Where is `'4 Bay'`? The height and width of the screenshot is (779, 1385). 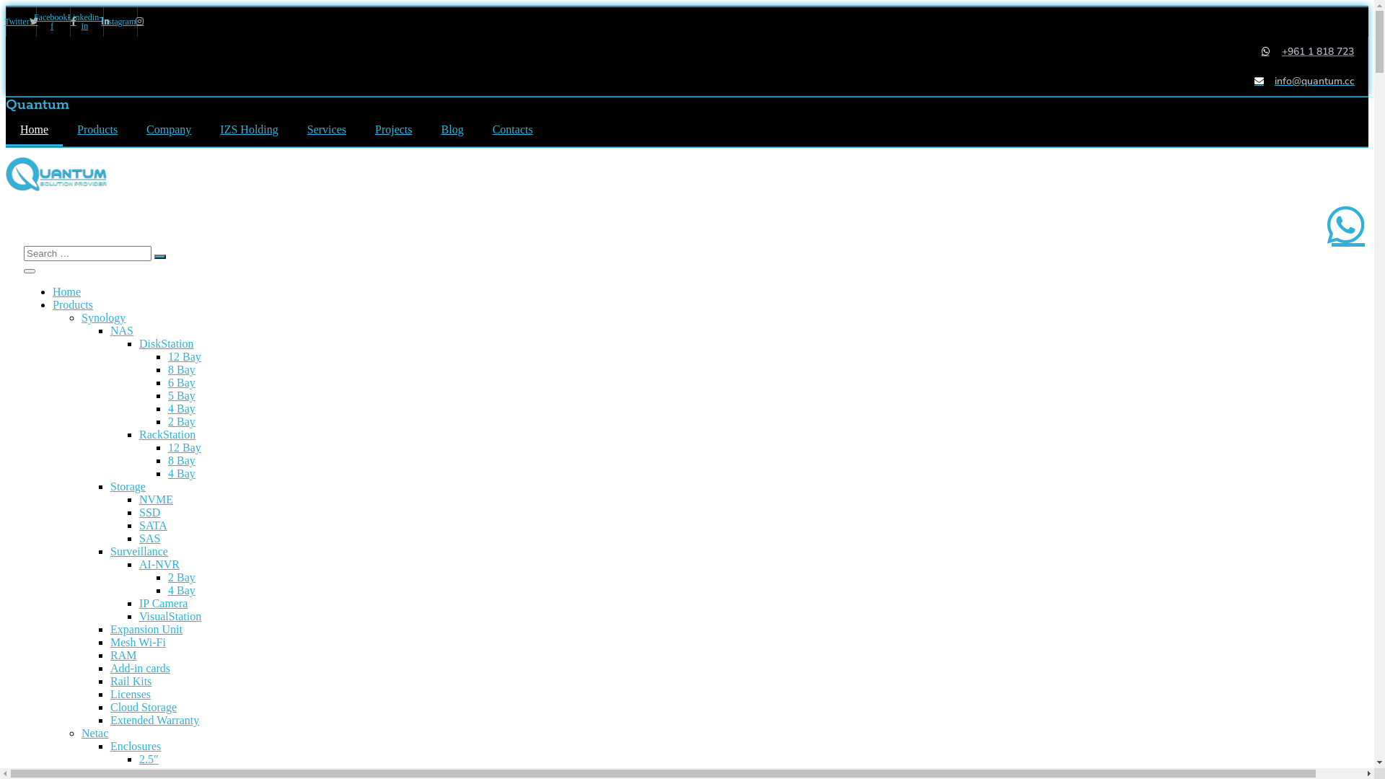
'4 Bay' is located at coordinates (168, 473).